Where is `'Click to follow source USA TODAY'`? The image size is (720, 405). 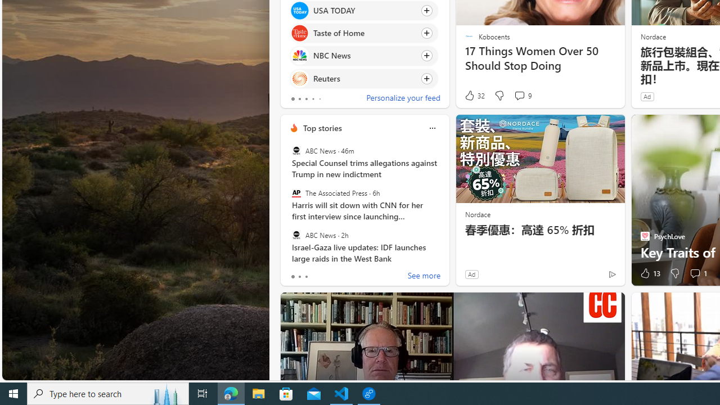
'Click to follow source USA TODAY' is located at coordinates (364, 10).